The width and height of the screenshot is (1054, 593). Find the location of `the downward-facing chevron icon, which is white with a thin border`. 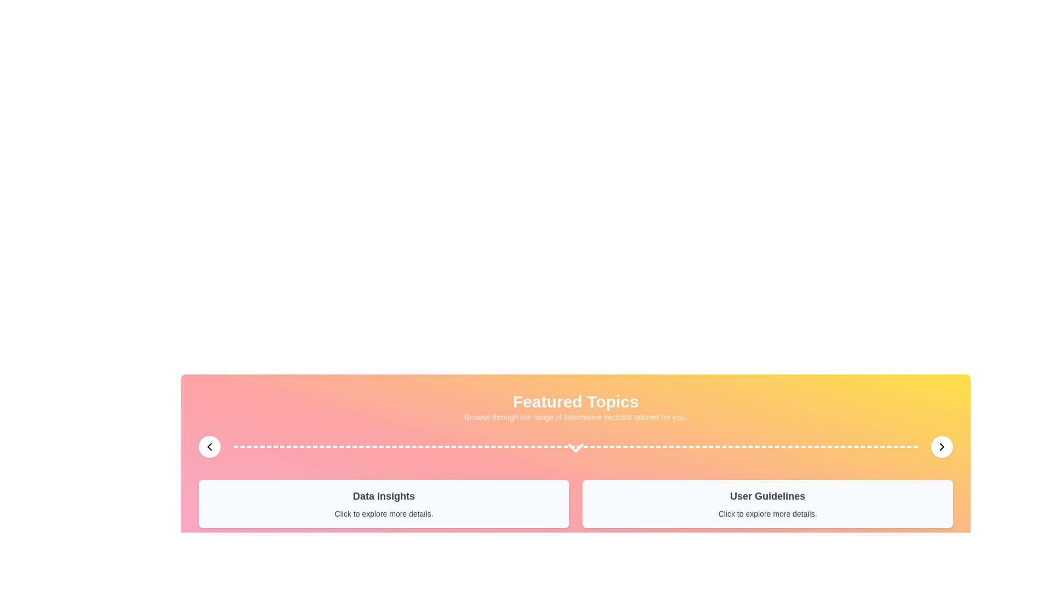

the downward-facing chevron icon, which is white with a thin border is located at coordinates (575, 448).